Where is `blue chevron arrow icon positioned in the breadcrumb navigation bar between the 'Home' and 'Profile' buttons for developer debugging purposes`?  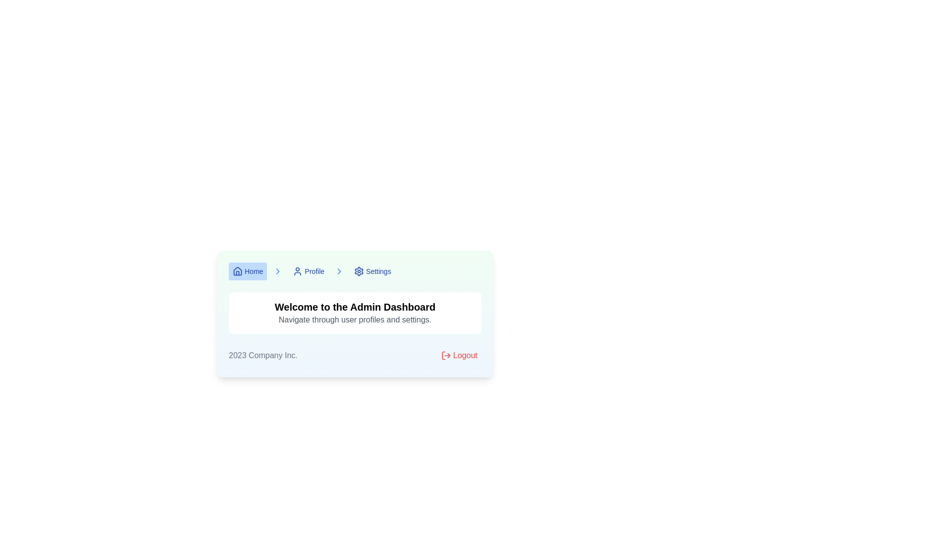 blue chevron arrow icon positioned in the breadcrumb navigation bar between the 'Home' and 'Profile' buttons for developer debugging purposes is located at coordinates (277, 271).